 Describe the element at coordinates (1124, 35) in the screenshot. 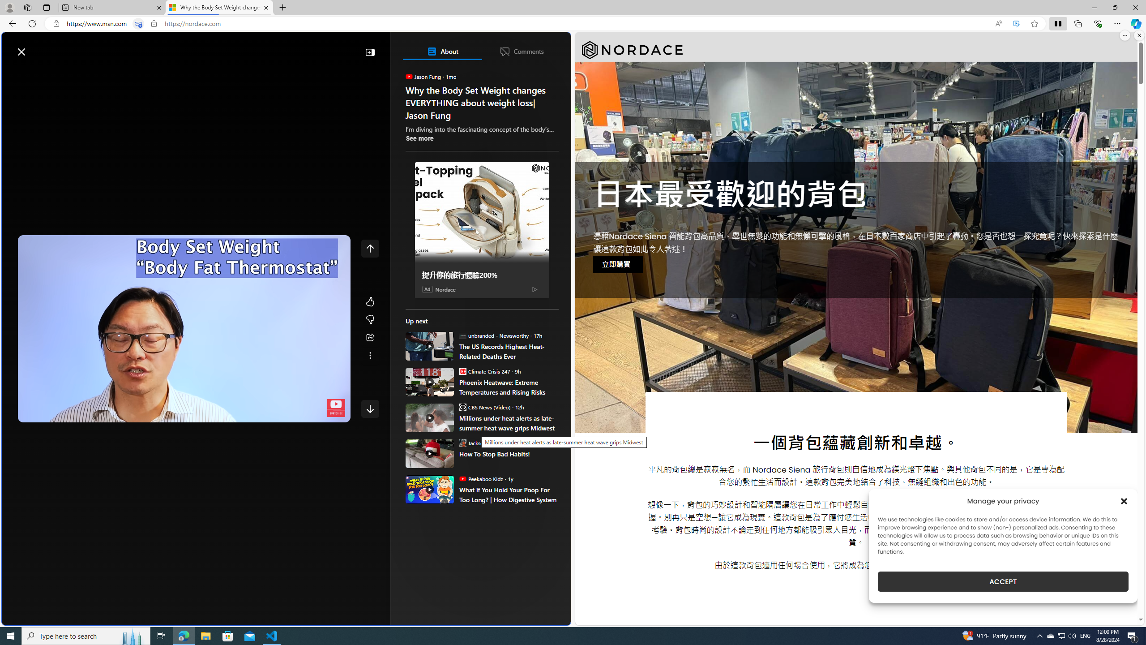

I see `'More options.'` at that location.